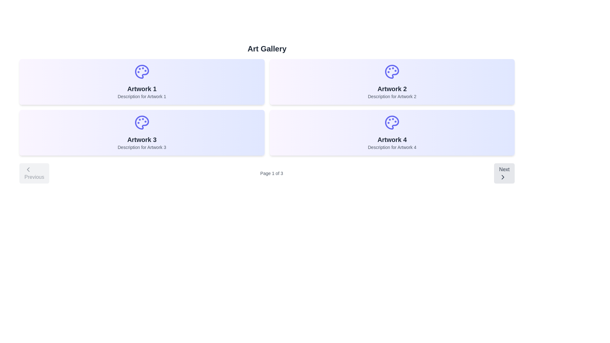  Describe the element at coordinates (141, 139) in the screenshot. I see `the text label located in the middle of the second row under the 'Art Gallery' section` at that location.